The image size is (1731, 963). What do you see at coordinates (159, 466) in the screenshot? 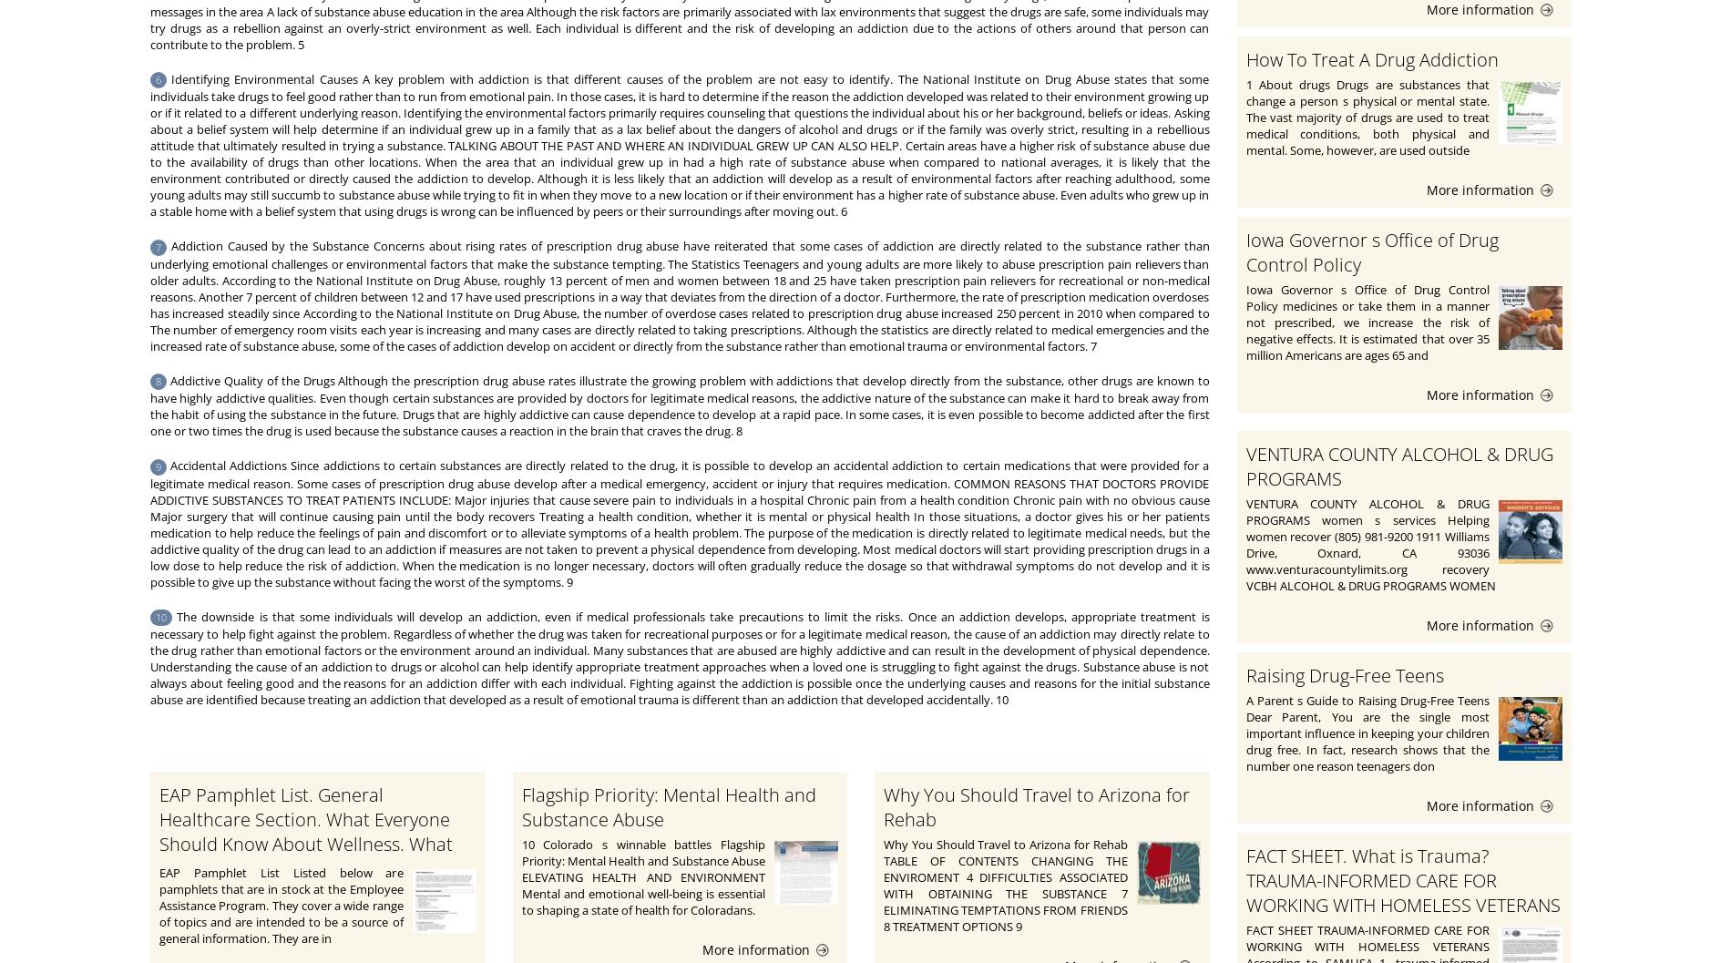
I see `'9'` at bounding box center [159, 466].